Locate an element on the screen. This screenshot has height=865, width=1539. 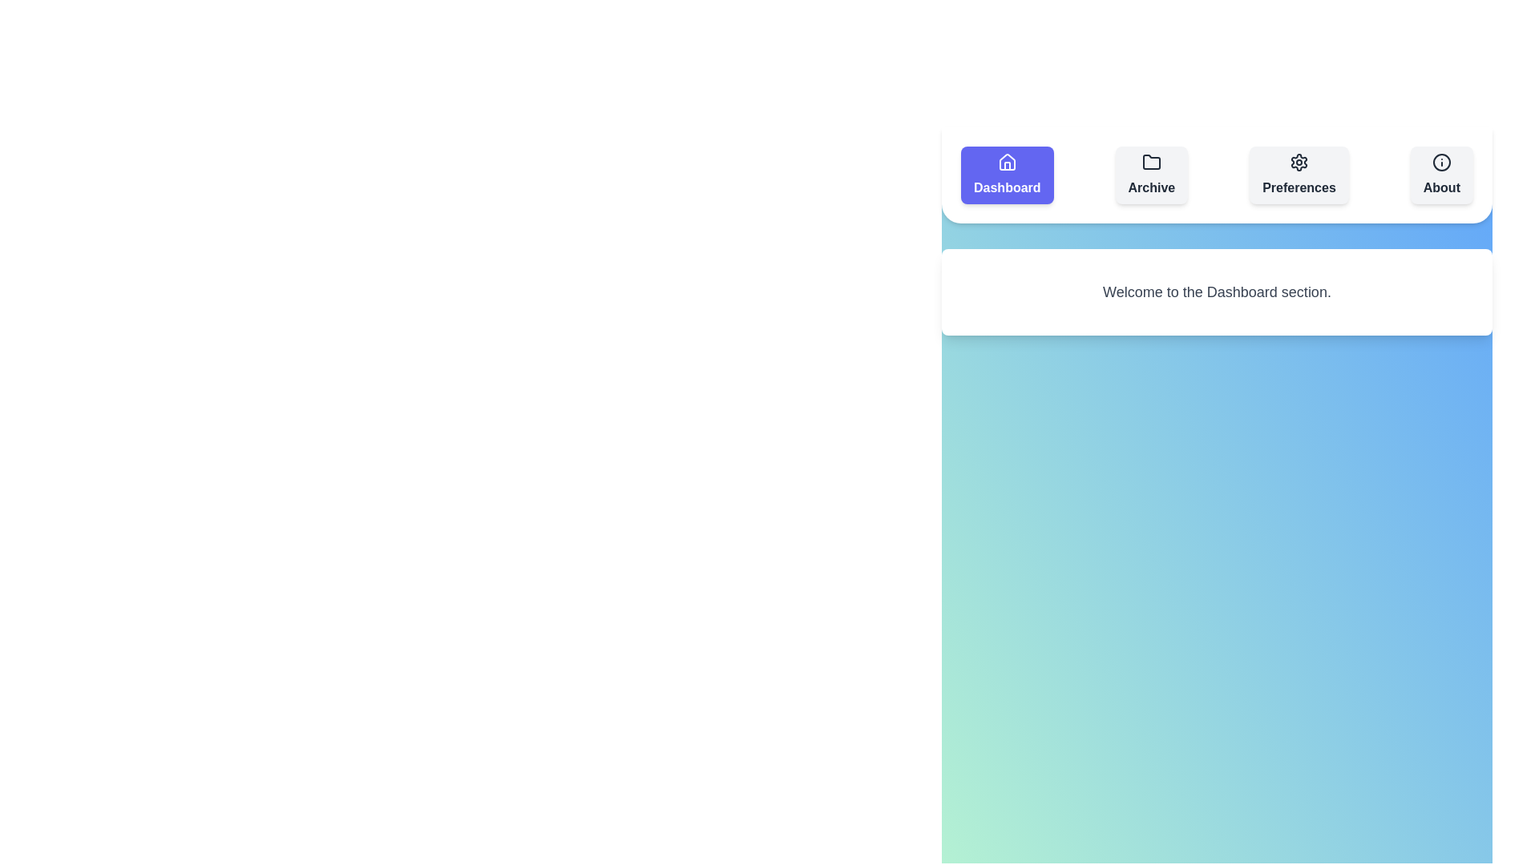
the section button labeled Dashboard to switch to that section is located at coordinates (1006, 175).